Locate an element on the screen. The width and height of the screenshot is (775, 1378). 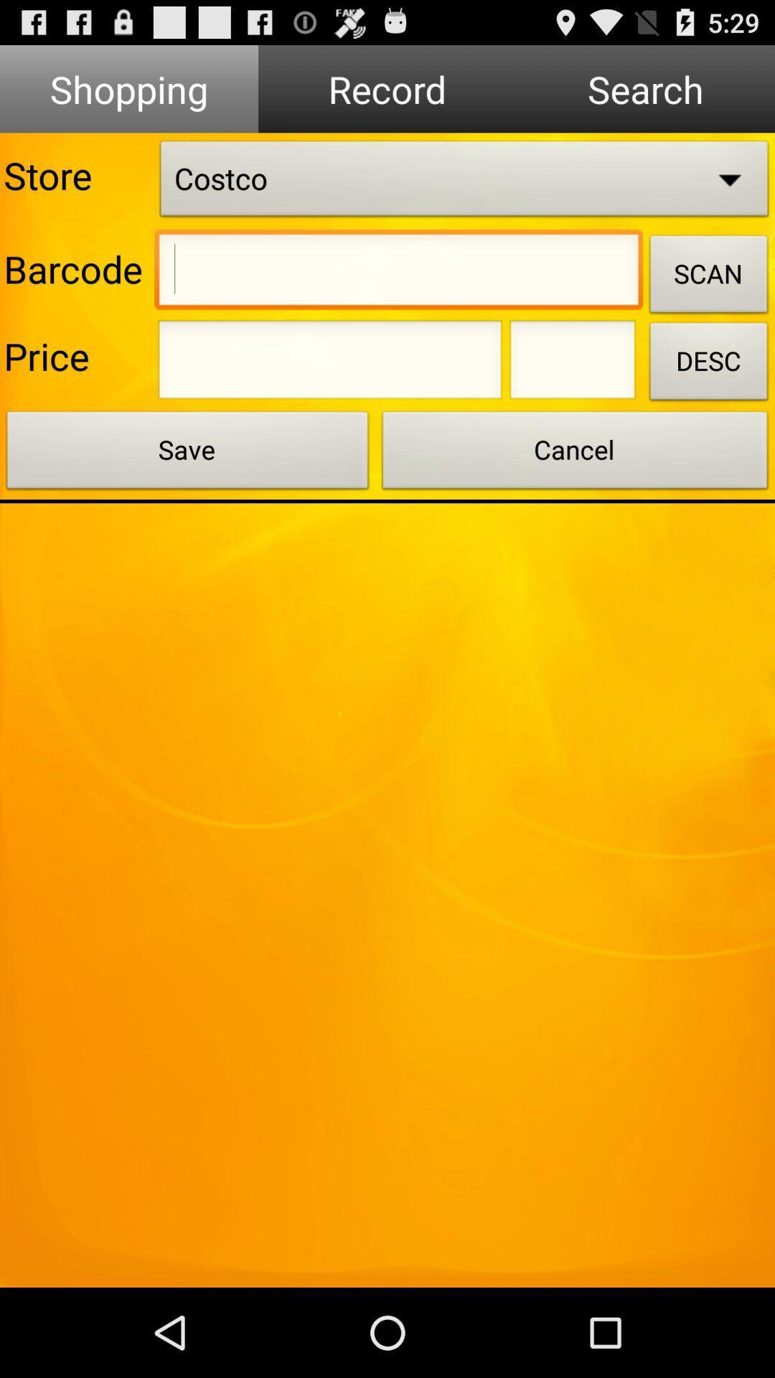
input price is located at coordinates (330, 364).